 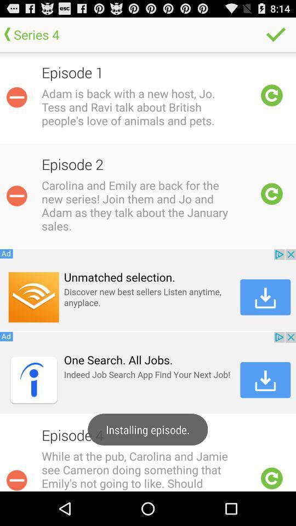 What do you see at coordinates (271, 194) in the screenshot?
I see `refresh episode` at bounding box center [271, 194].